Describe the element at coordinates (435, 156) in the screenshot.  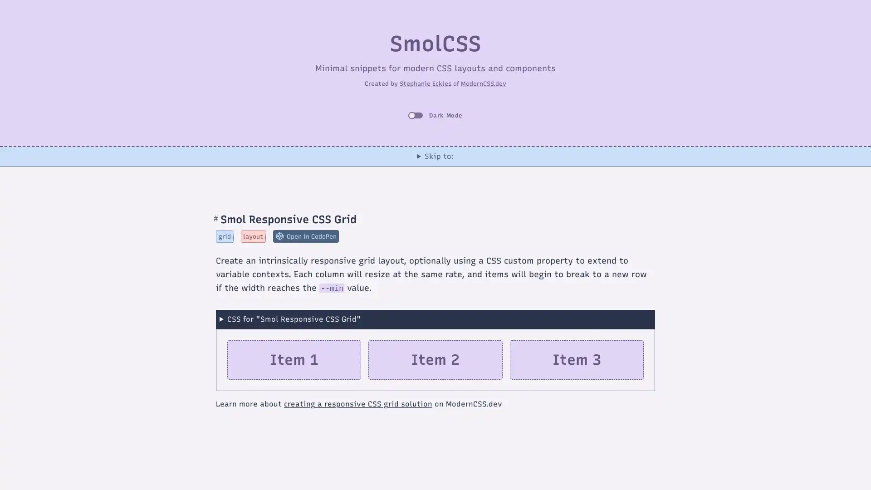
I see `Skip to:` at that location.